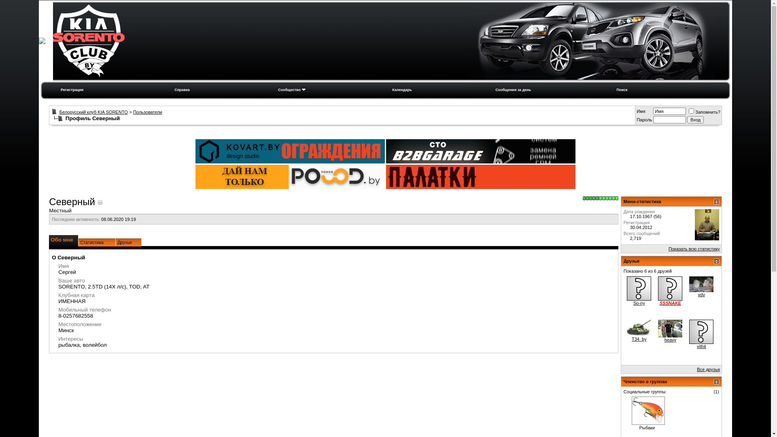  Describe the element at coordinates (696, 346) in the screenshot. I see `'vithit'` at that location.